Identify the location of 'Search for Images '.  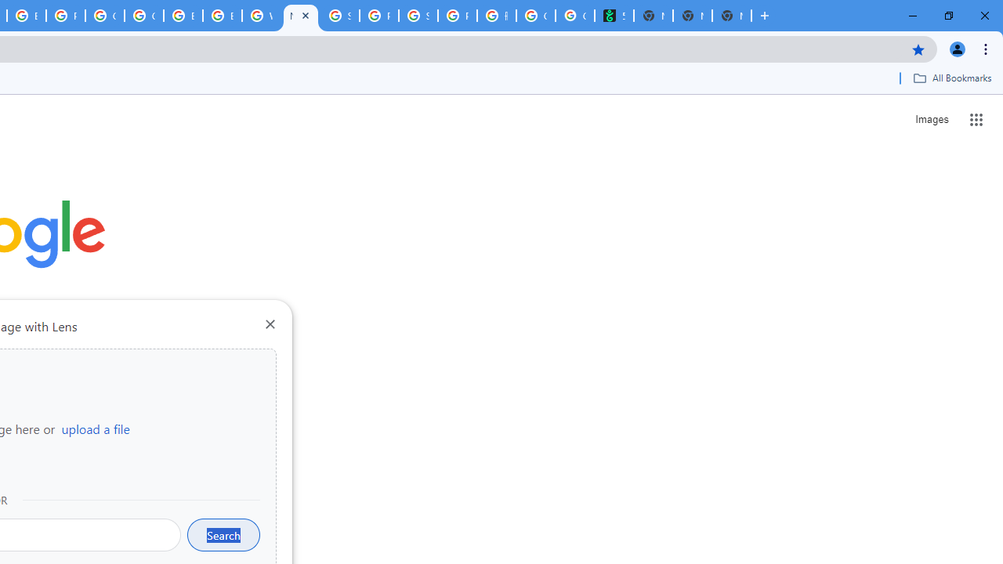
(932, 119).